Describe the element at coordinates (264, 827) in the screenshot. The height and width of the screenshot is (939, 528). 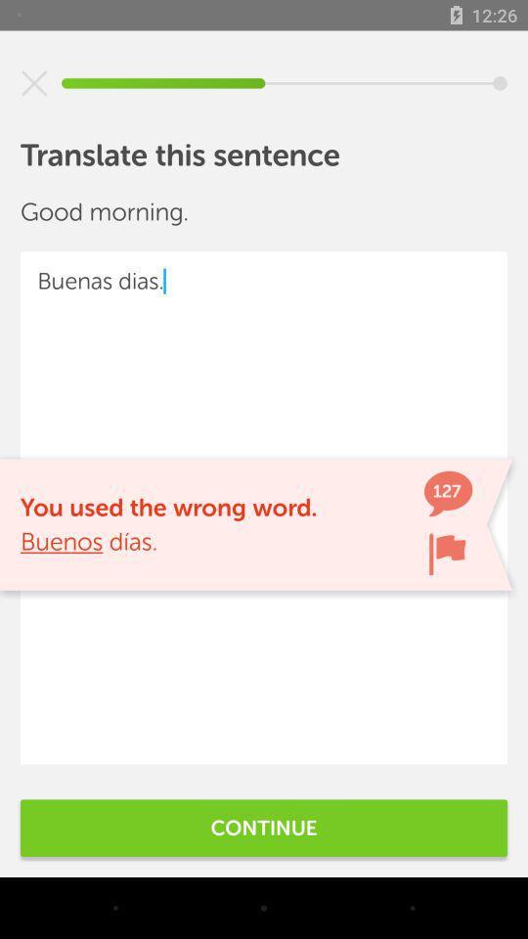
I see `the continue` at that location.